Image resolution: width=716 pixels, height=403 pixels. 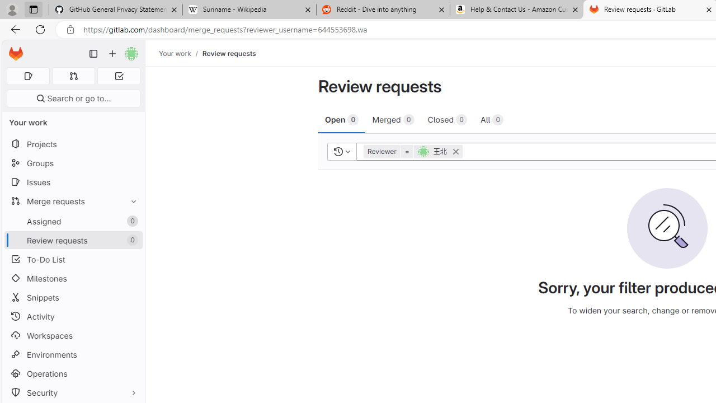 I want to click on 'Primary navigation sidebar', so click(x=93, y=54).